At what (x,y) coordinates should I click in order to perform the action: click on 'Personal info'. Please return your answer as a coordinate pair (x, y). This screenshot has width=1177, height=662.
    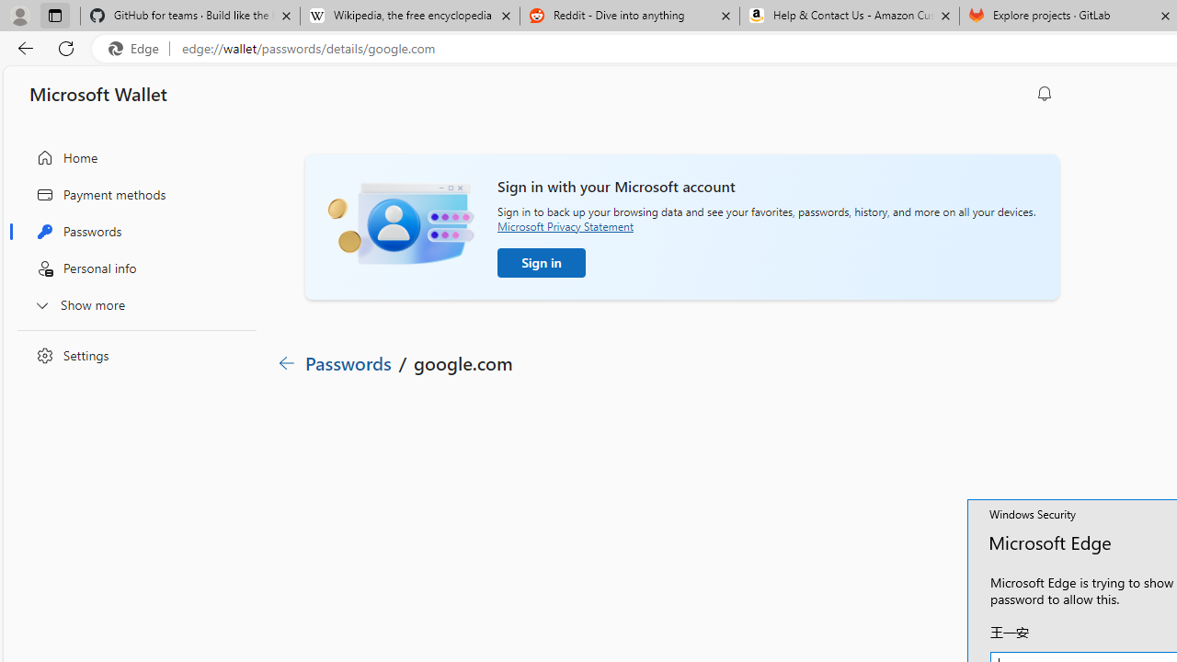
    Looking at the image, I should click on (131, 268).